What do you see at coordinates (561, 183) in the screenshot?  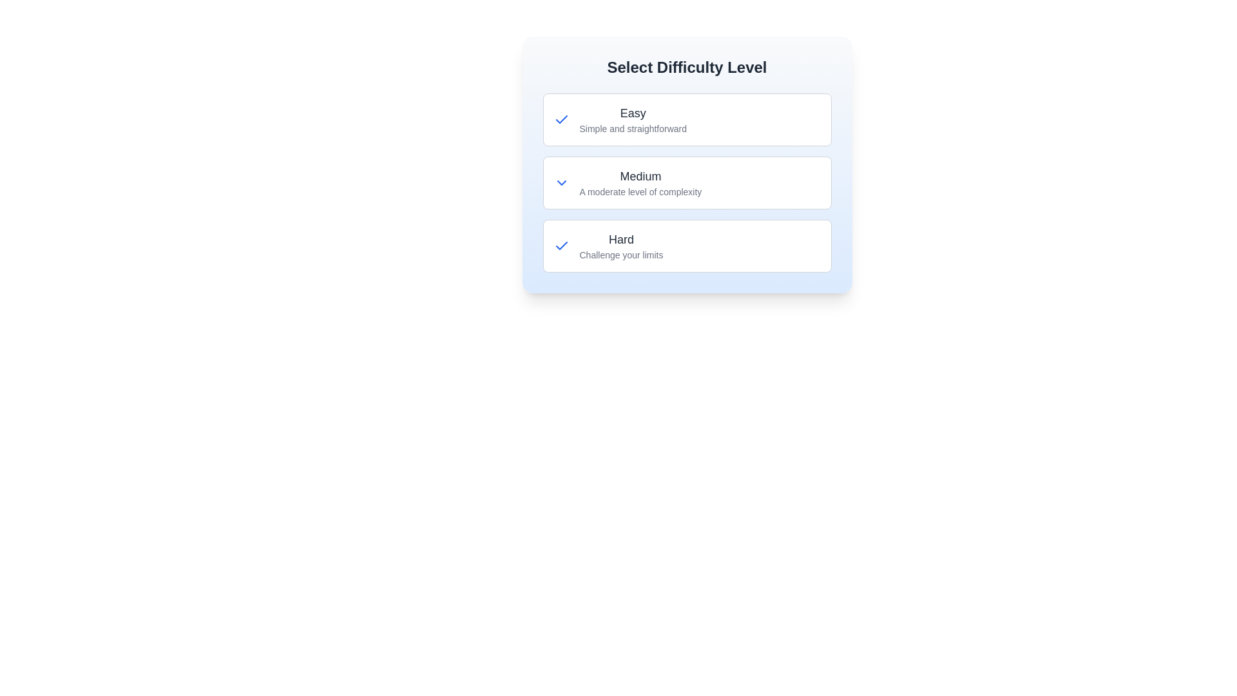 I see `the blue downward-pointing chevron icon aligned with the text 'Medium A moderate level of complexity' in the 'Medium' difficulty level section` at bounding box center [561, 183].